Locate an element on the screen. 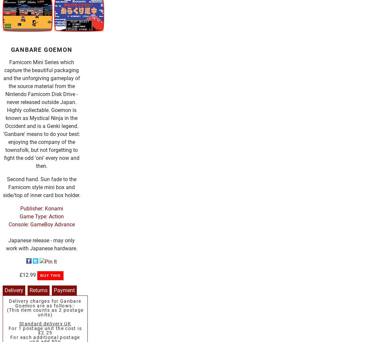 Image resolution: width=391 pixels, height=342 pixels. 'Nintendo DS' is located at coordinates (51, 31).